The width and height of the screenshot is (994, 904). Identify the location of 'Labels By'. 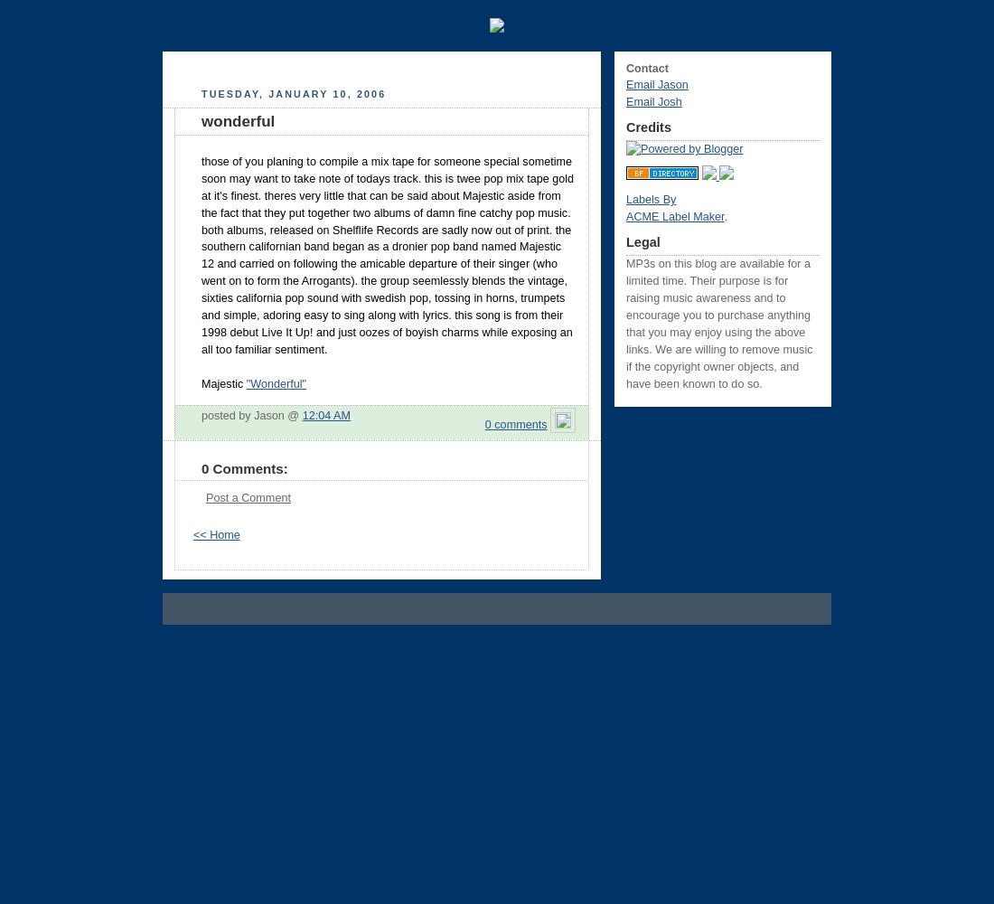
(650, 199).